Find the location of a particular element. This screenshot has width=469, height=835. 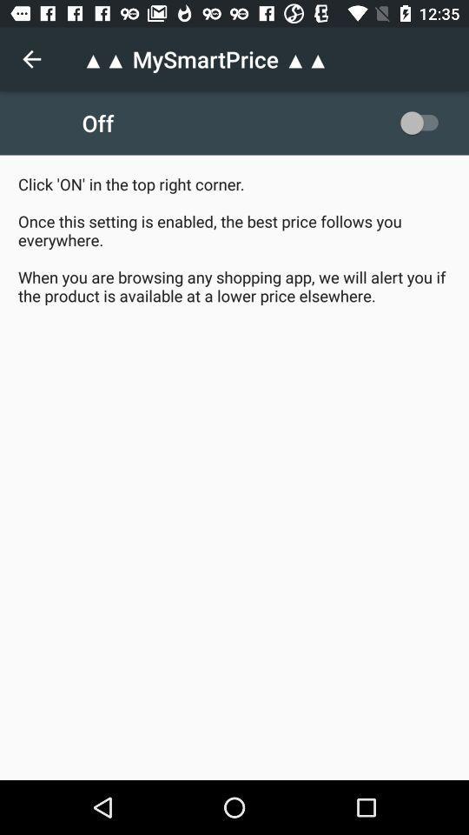

the app above the click on in icon is located at coordinates (31, 59).